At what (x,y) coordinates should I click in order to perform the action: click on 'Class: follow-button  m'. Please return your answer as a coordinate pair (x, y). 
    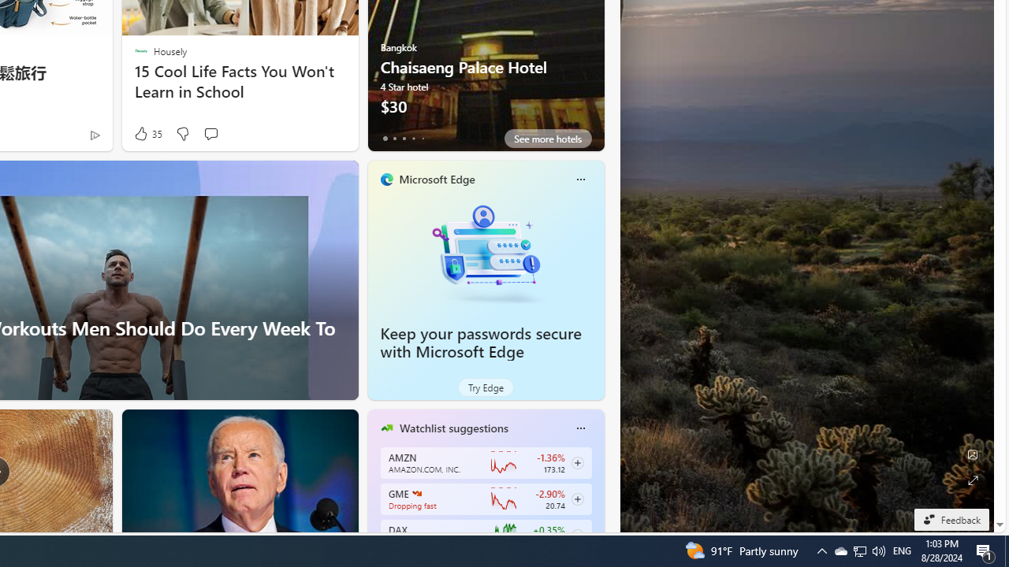
    Looking at the image, I should click on (576, 535).